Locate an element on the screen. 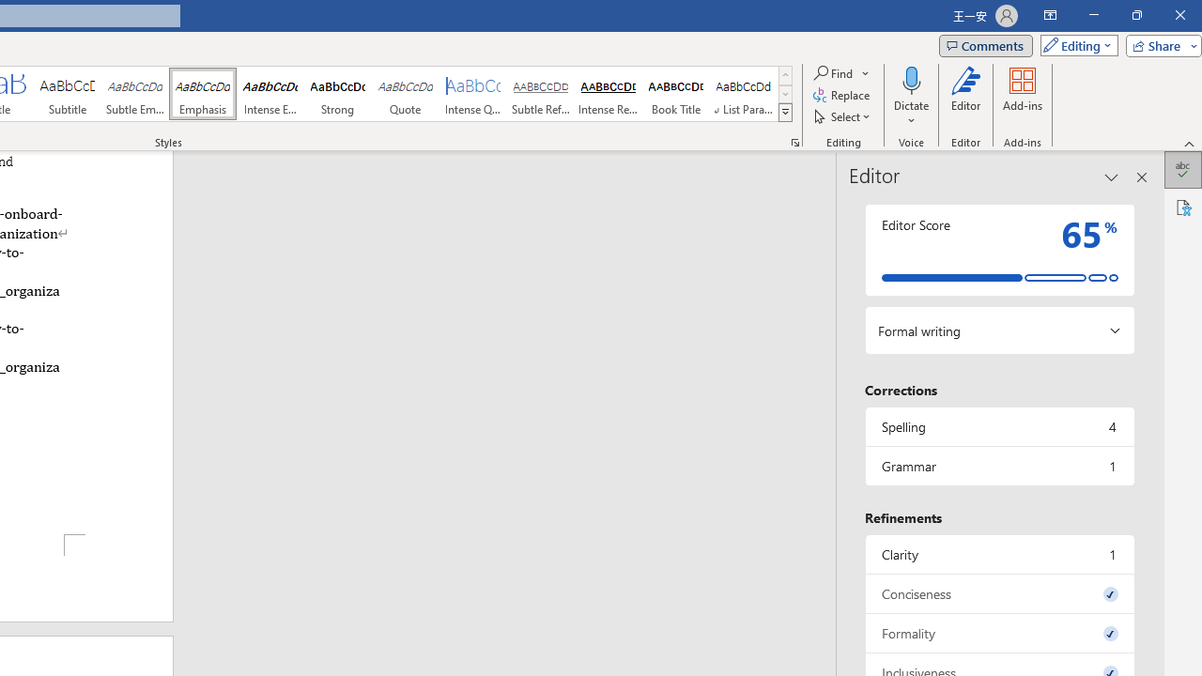 The height and width of the screenshot is (676, 1202). 'Accessibility' is located at coordinates (1182, 207).